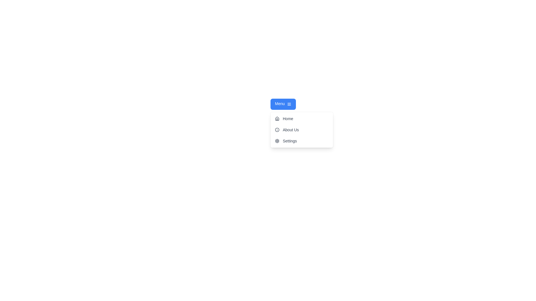 Image resolution: width=536 pixels, height=301 pixels. I want to click on the 'About Us' button, which is the second option in the vertical menu list, so click(301, 130).